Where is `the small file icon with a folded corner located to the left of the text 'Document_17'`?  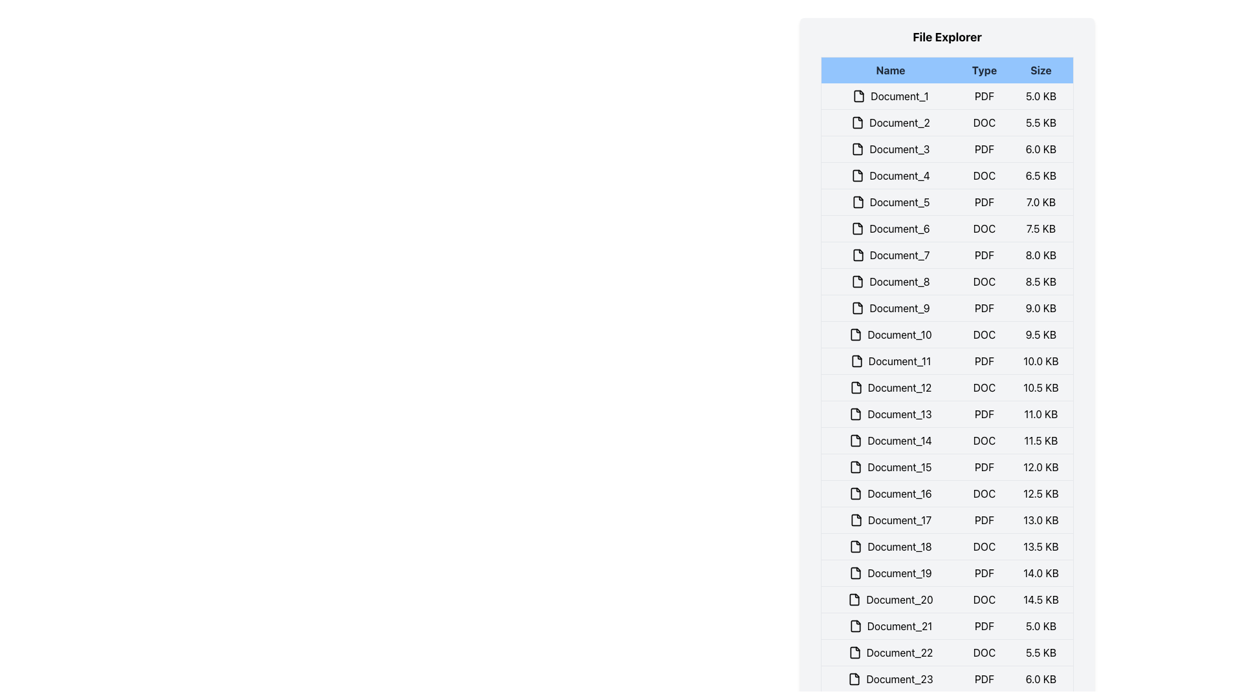
the small file icon with a folded corner located to the left of the text 'Document_17' is located at coordinates (856, 520).